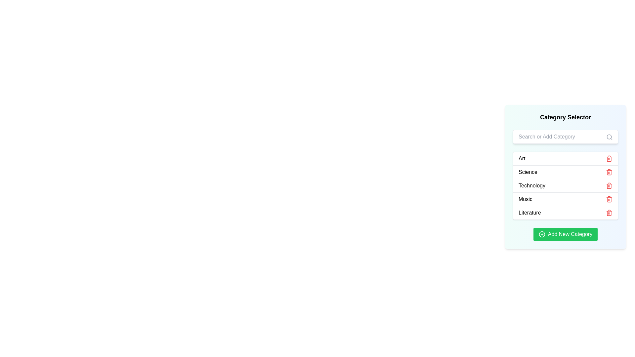  What do you see at coordinates (525, 199) in the screenshot?
I see `the 'Music' label in bold black font, located in the fourth row of the category list, between 'Technology' and 'Literature'` at bounding box center [525, 199].